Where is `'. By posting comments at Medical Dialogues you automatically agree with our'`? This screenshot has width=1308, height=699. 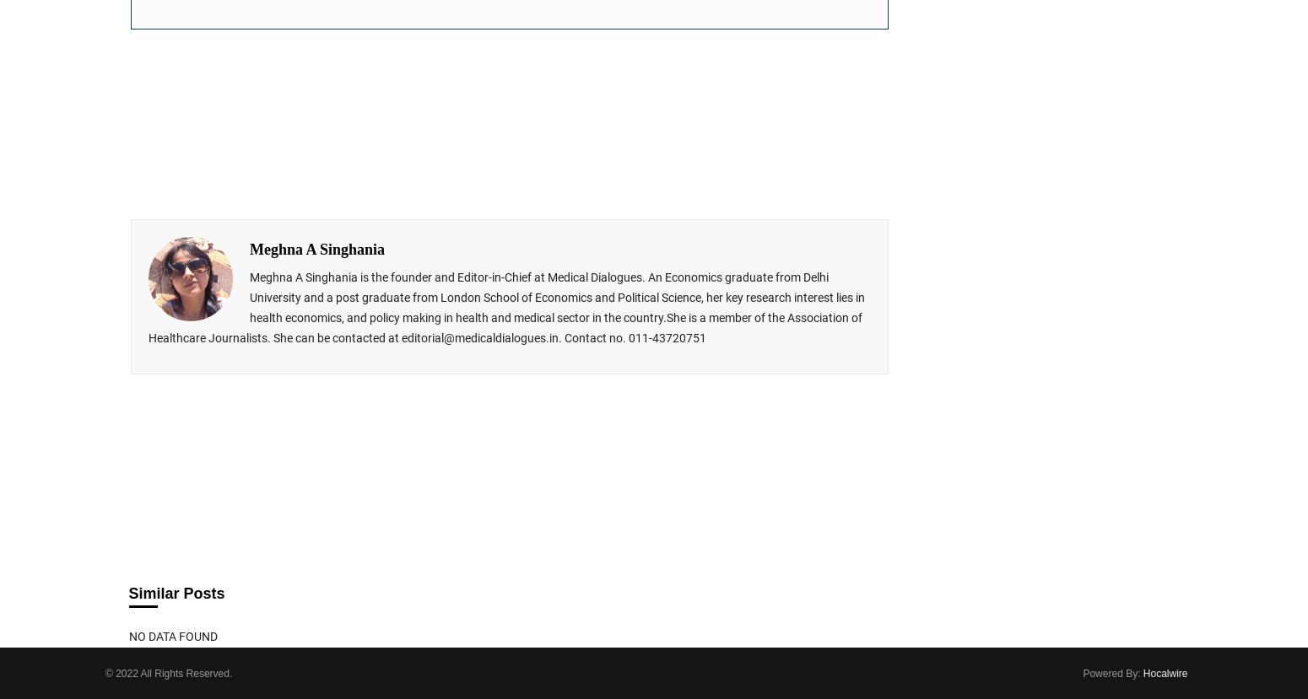
'. By posting comments at Medical Dialogues you automatically agree with our' is located at coordinates (653, 425).